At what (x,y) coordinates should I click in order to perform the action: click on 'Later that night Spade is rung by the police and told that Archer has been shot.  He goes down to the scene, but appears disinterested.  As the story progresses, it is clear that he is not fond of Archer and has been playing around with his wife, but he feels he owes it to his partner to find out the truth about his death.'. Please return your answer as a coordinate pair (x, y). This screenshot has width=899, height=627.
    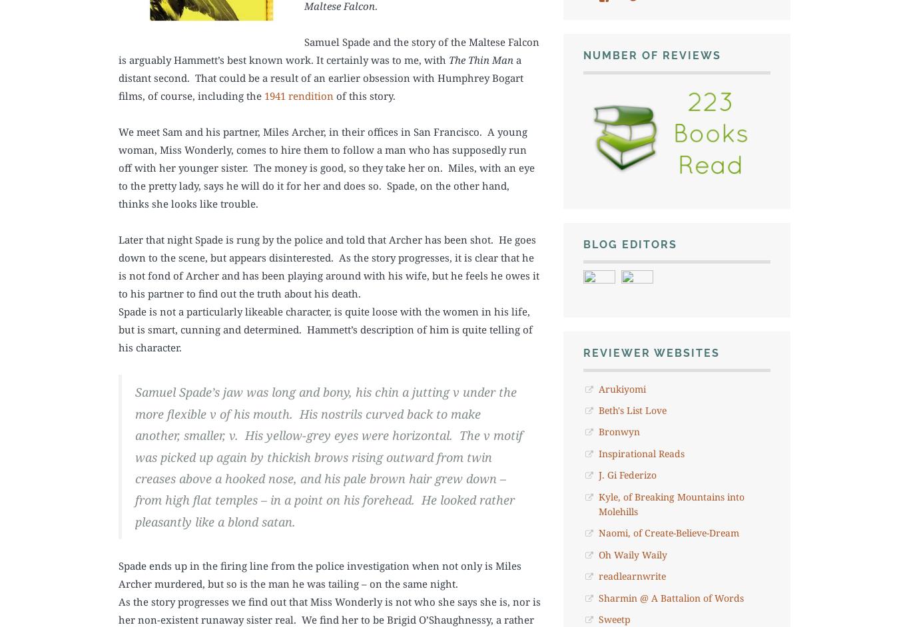
    Looking at the image, I should click on (119, 266).